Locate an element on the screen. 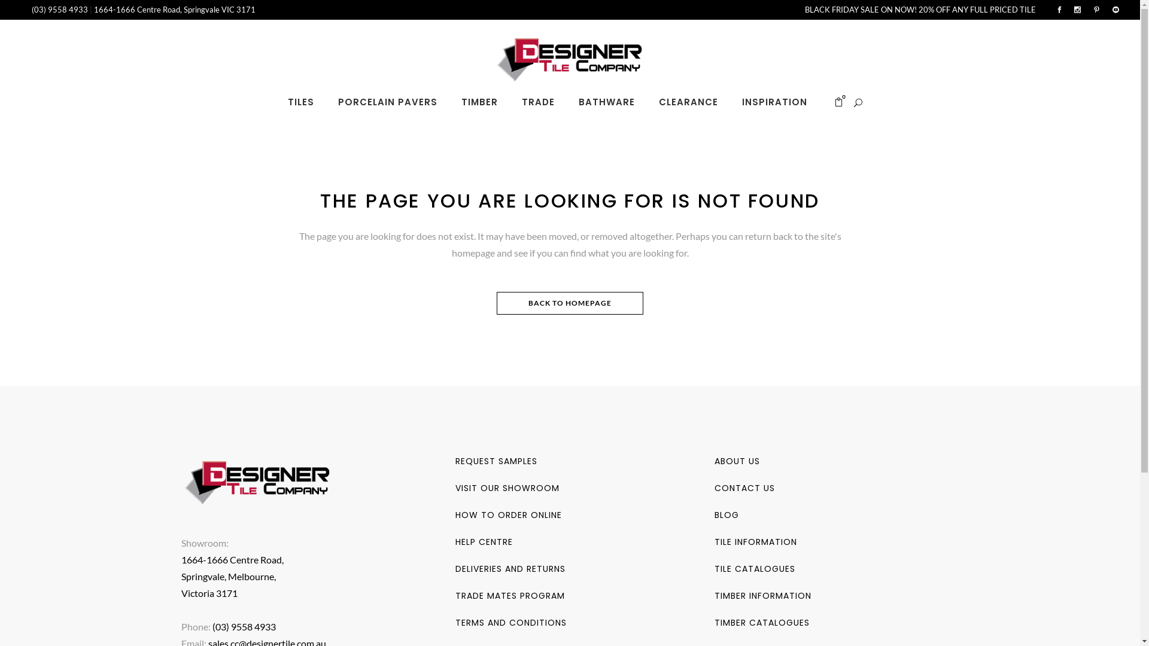  'TERMS AND CONDITIONS' is located at coordinates (511, 622).